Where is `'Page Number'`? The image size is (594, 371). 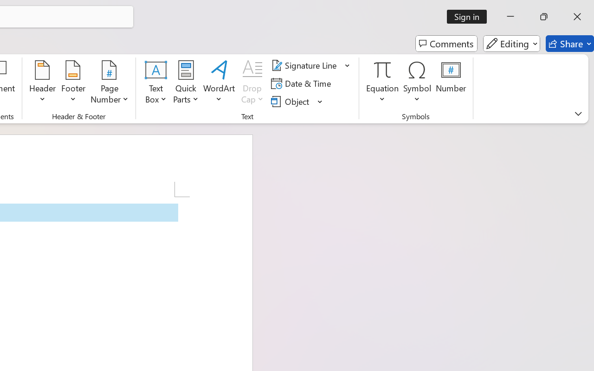
'Page Number' is located at coordinates (110, 83).